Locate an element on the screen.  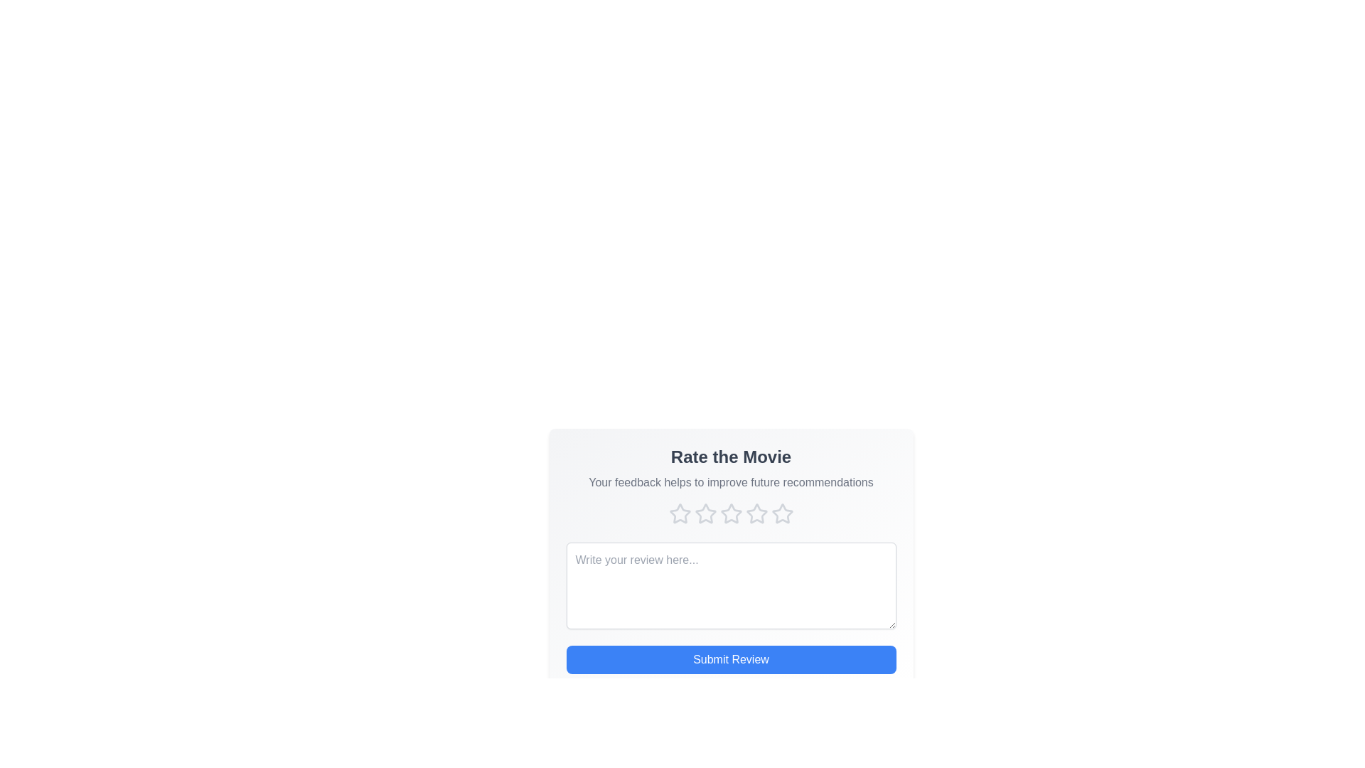
the second star icon in the rating system to rate the movie is located at coordinates (705, 513).